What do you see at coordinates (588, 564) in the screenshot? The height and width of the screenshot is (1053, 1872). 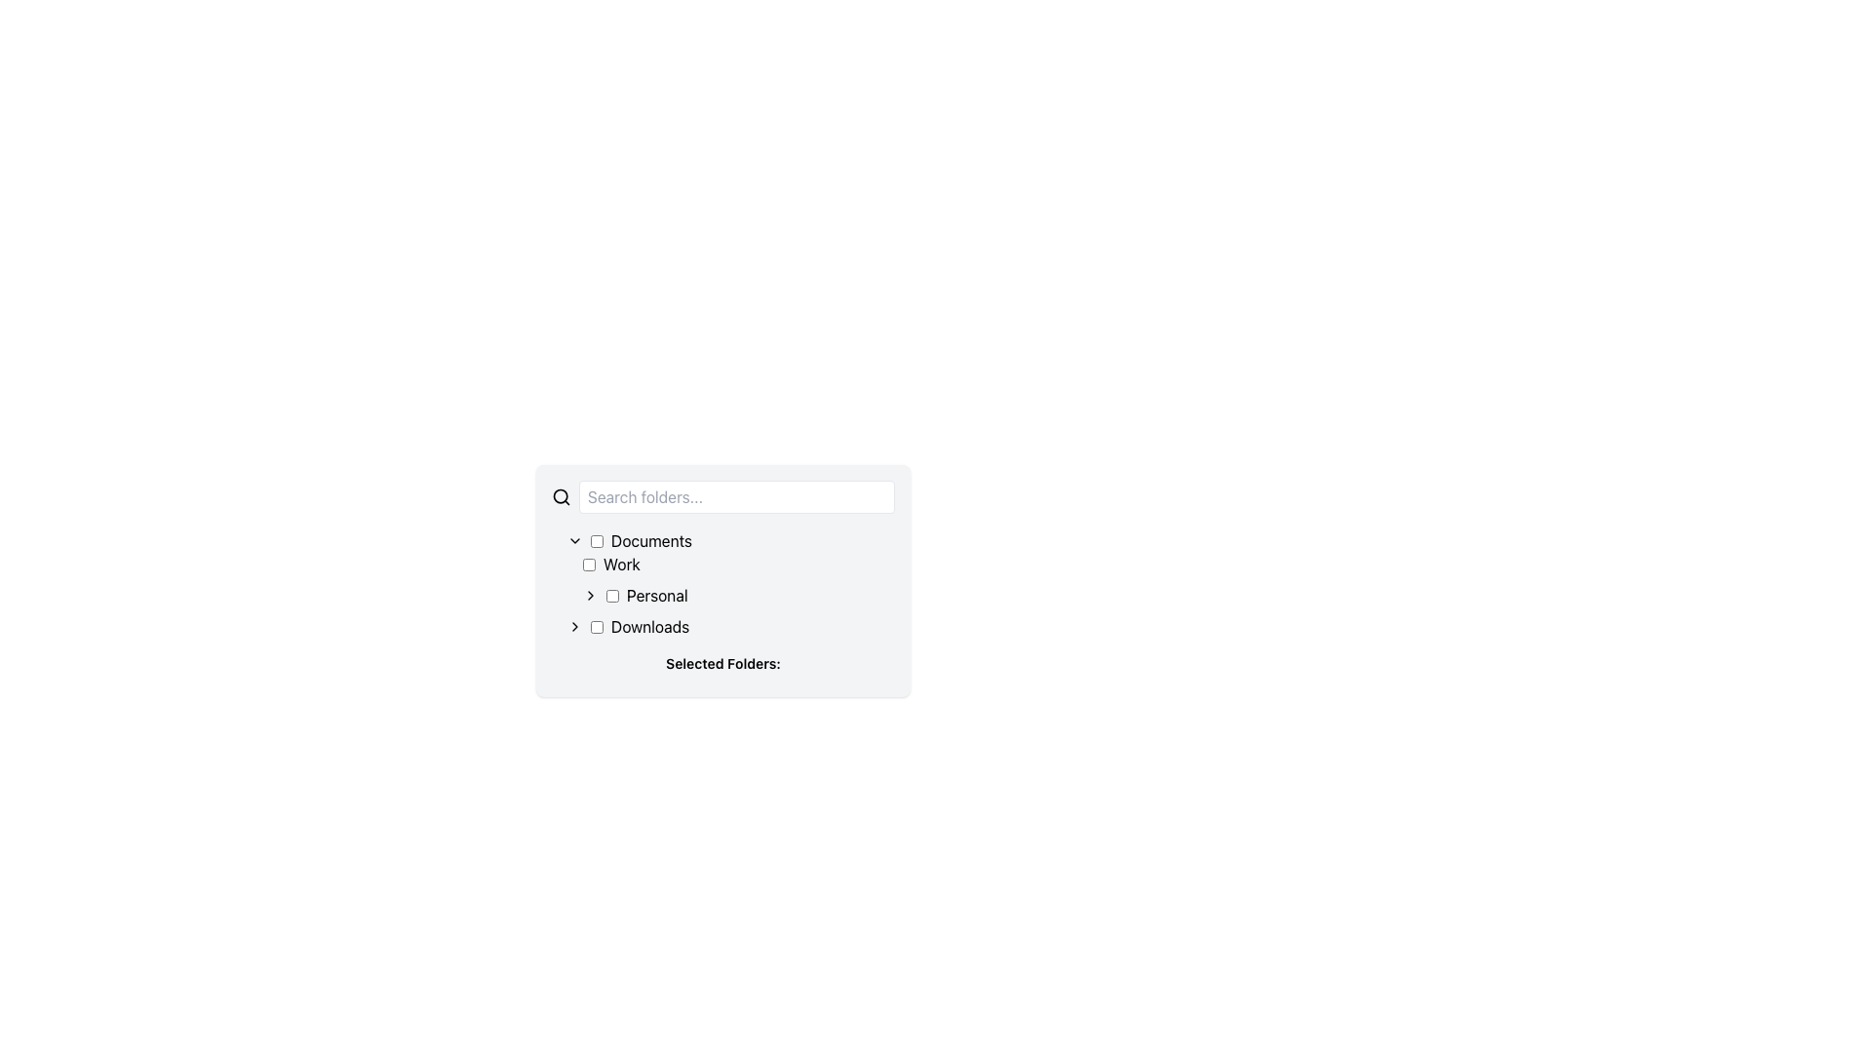 I see `the checkbox labeled 'Work' to trigger hover effects` at bounding box center [588, 564].